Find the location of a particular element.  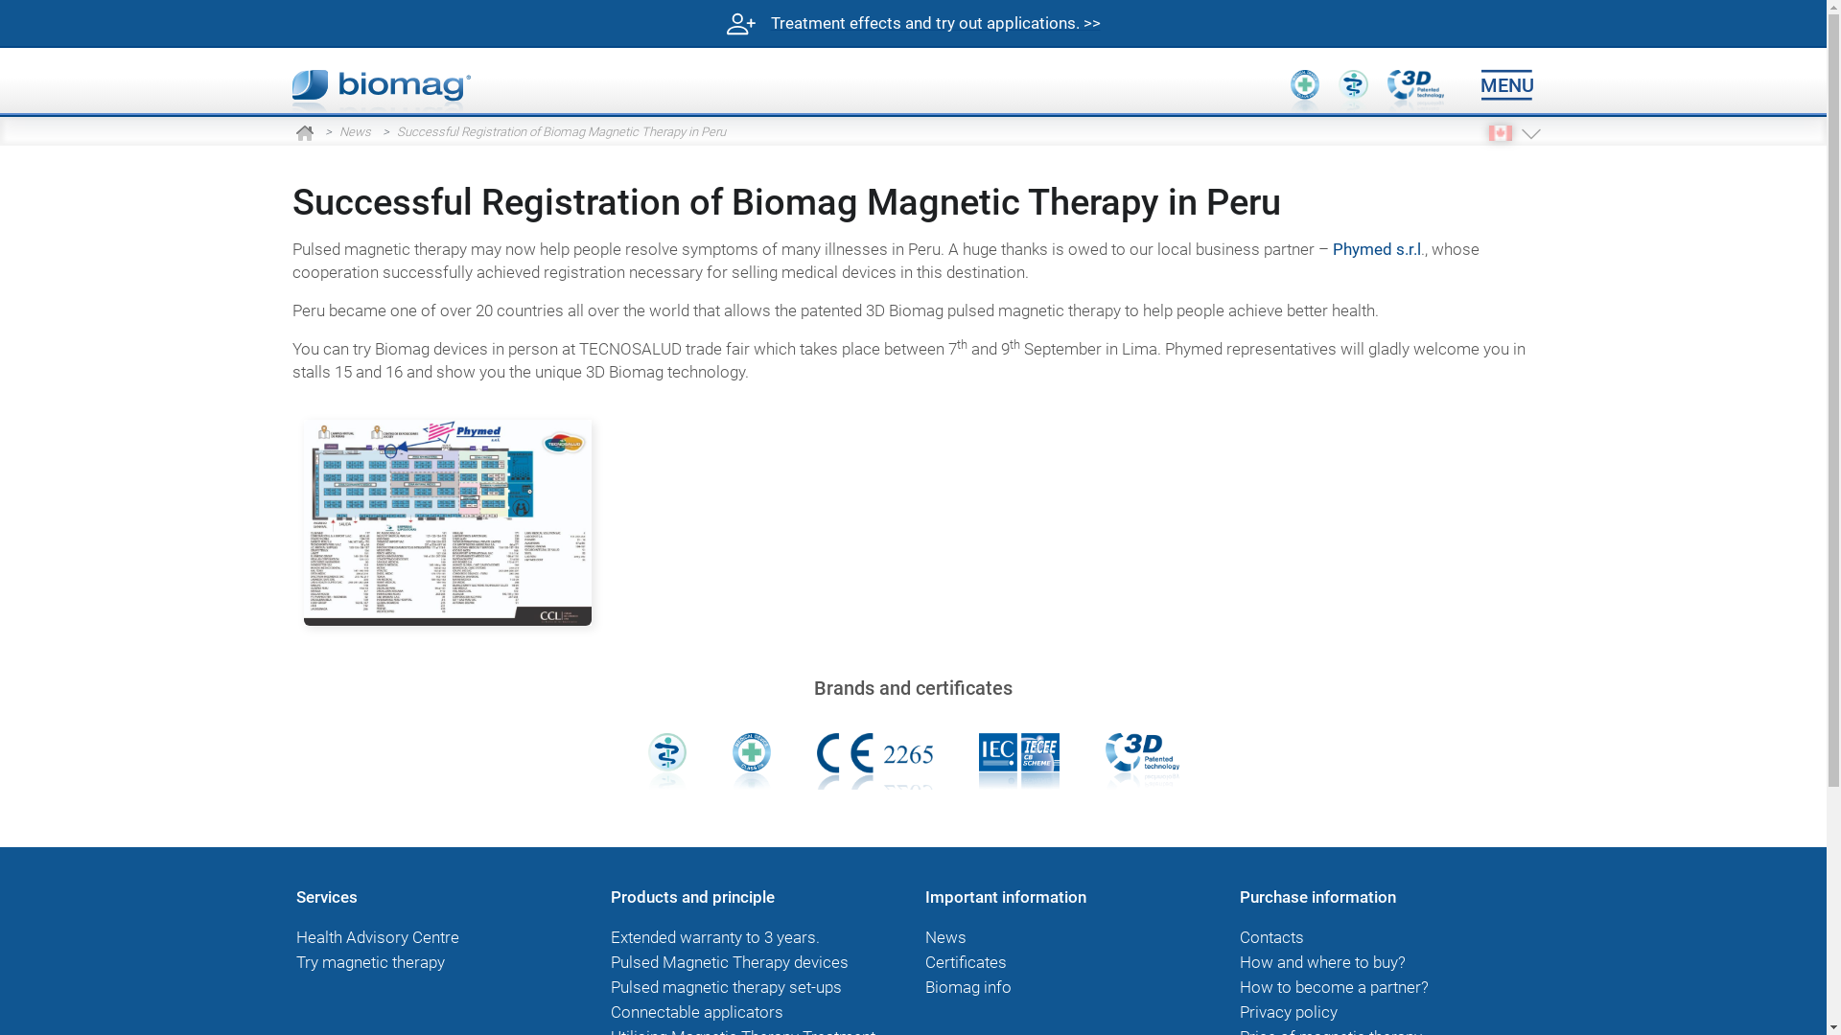

'News' is located at coordinates (355, 130).